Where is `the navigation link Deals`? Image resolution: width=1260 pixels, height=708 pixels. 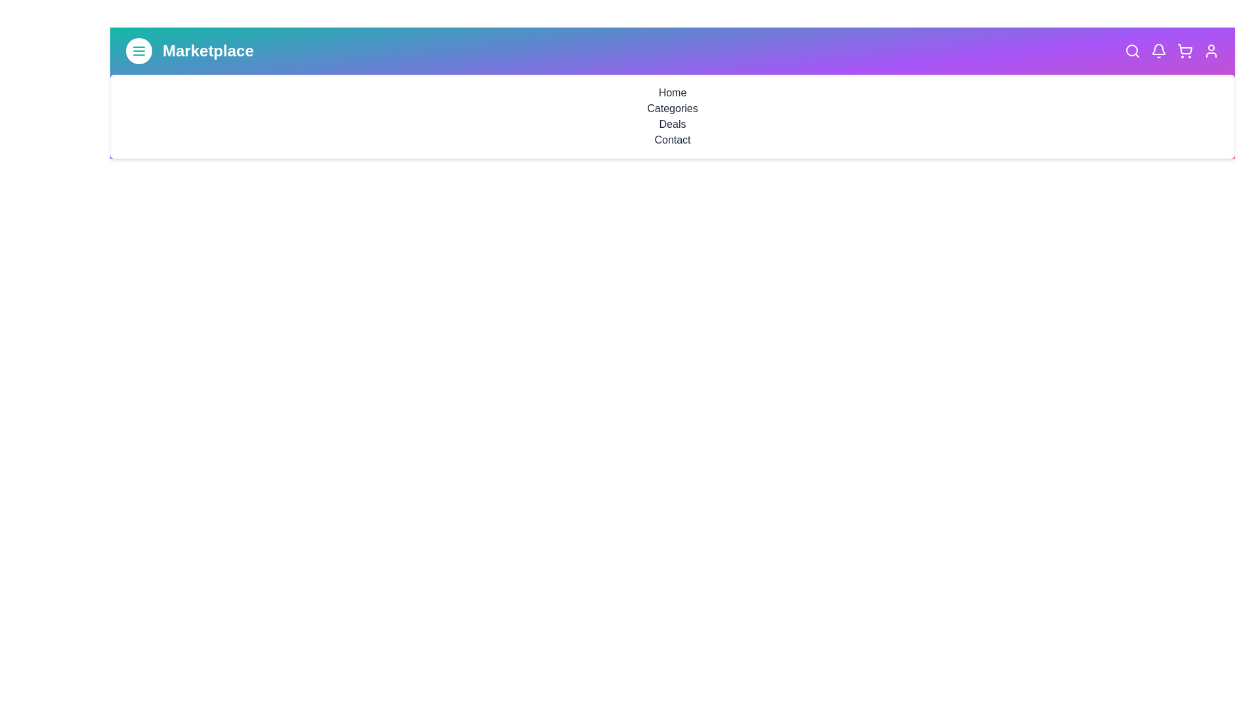
the navigation link Deals is located at coordinates (673, 124).